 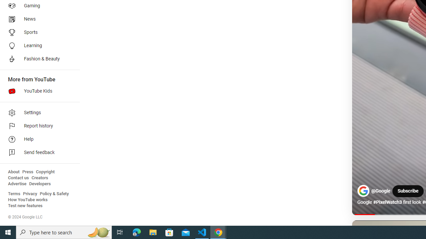 What do you see at coordinates (40, 184) in the screenshot?
I see `'Developers'` at bounding box center [40, 184].